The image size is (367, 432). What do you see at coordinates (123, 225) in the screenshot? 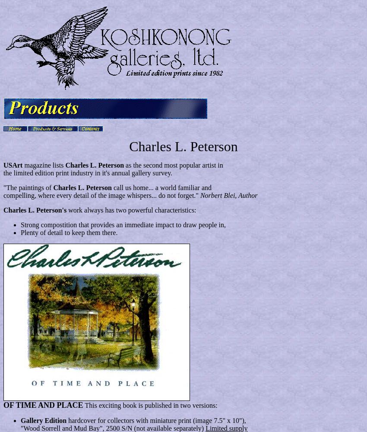
I see `'Strong compostition that provides an immediate impact to
        draw people in,'` at bounding box center [123, 225].